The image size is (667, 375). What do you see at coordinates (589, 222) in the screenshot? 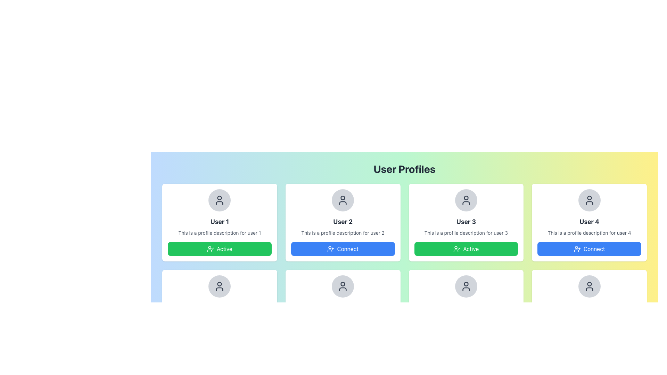
I see `the text label that represents the name or identifier of the user profile located in the fourth profile card in the top row of the grid layout` at bounding box center [589, 222].